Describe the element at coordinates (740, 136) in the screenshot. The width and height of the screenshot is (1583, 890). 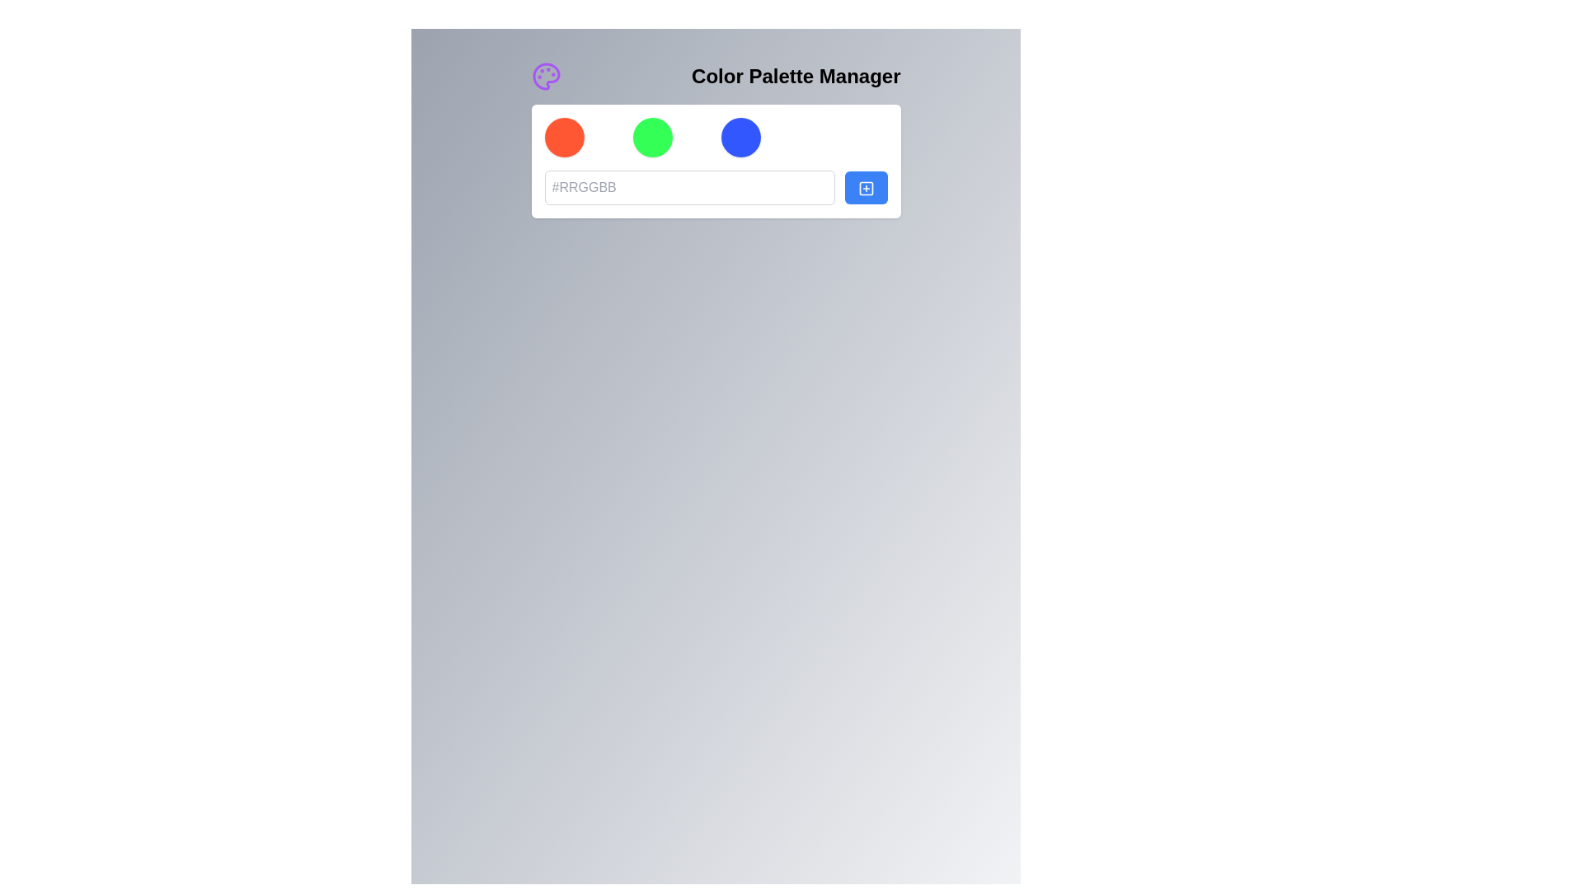
I see `the third circular color selection button with a blue background in the 'Color Palette Manager' interface` at that location.